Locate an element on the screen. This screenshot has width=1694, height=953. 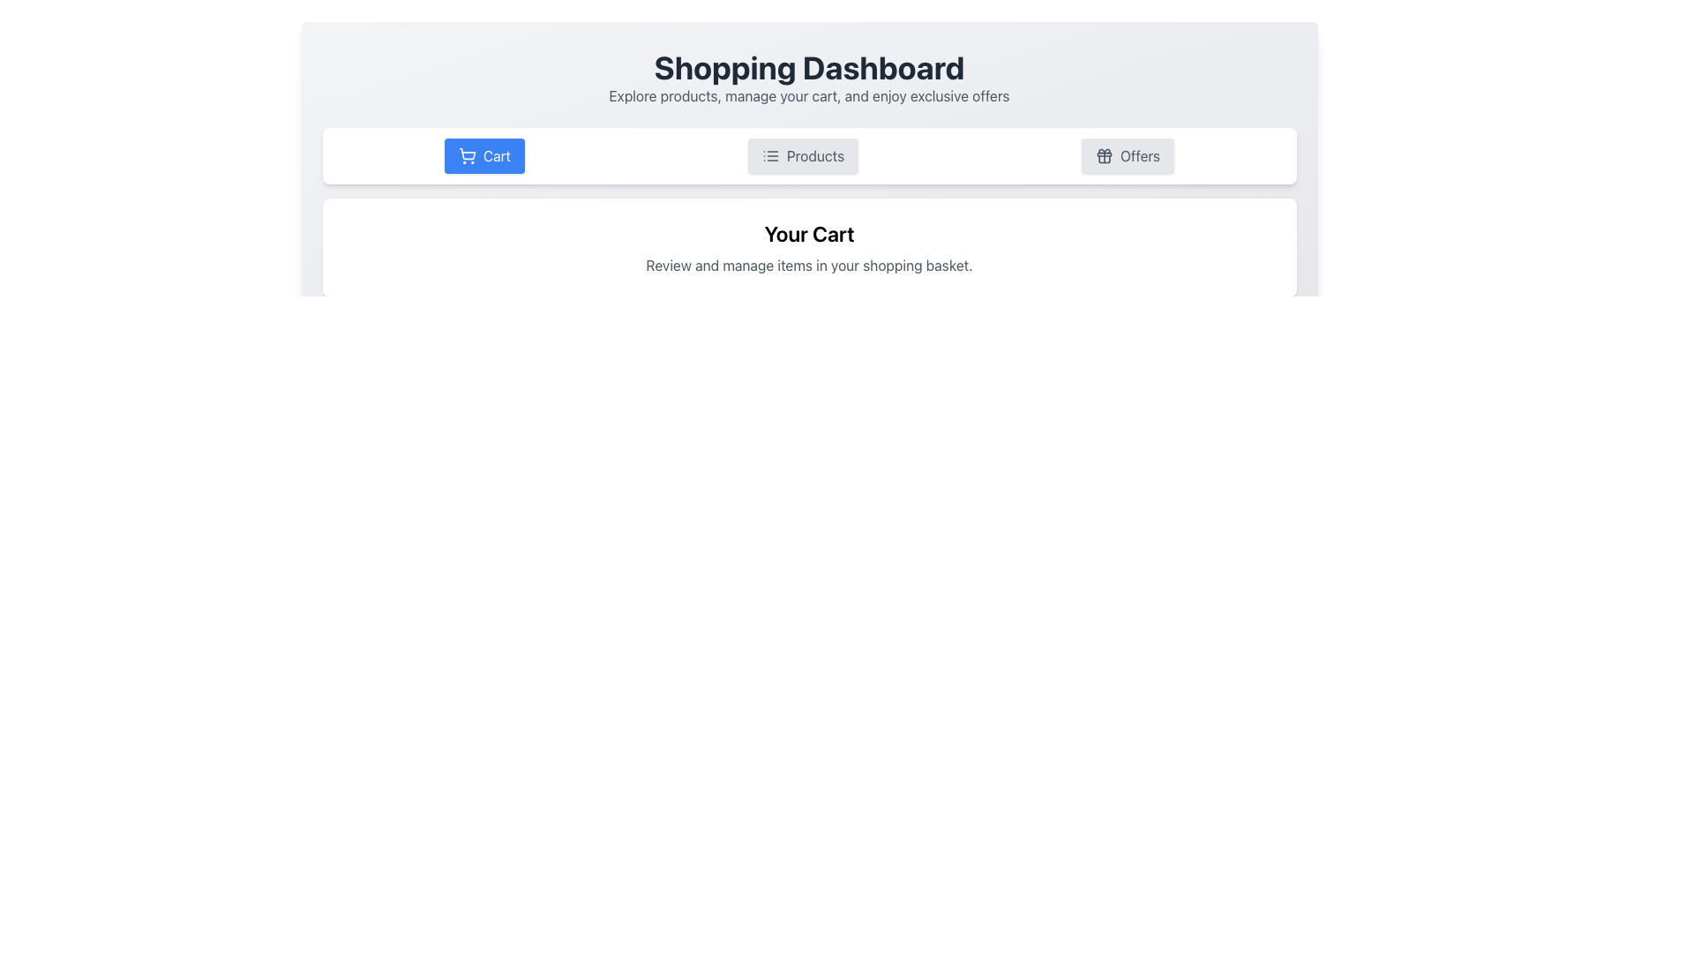
the navigation button located centrally in the top section of the dashboard is located at coordinates (808, 155).